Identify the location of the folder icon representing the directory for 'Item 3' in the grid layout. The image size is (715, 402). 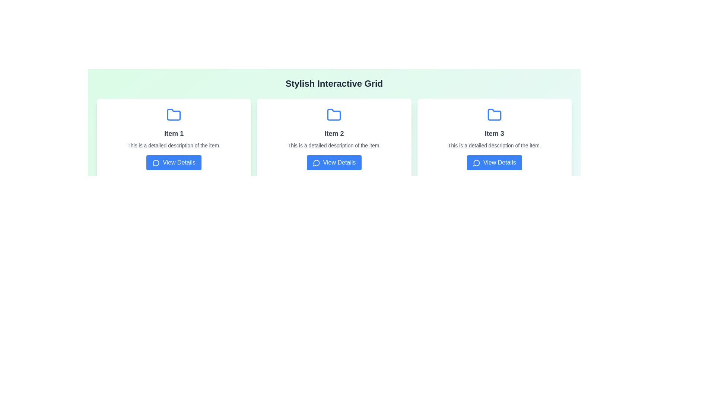
(494, 115).